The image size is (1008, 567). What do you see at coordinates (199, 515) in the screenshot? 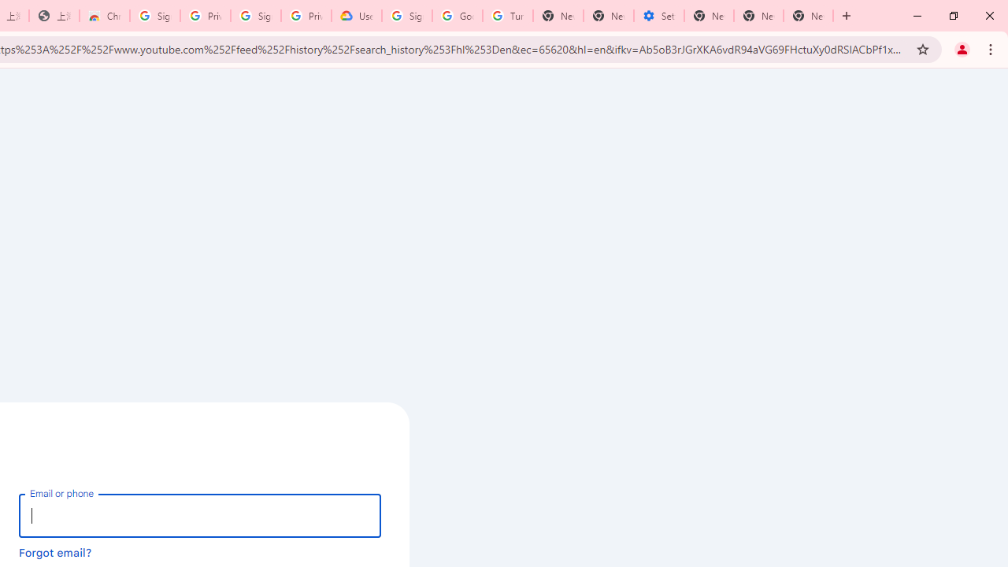
I see `'Email or phone'` at bounding box center [199, 515].